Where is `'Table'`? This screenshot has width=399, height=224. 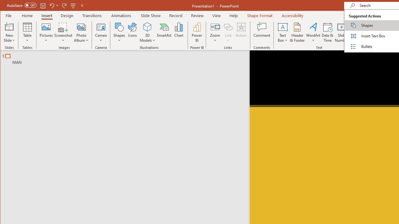
'Table' is located at coordinates (27, 32).